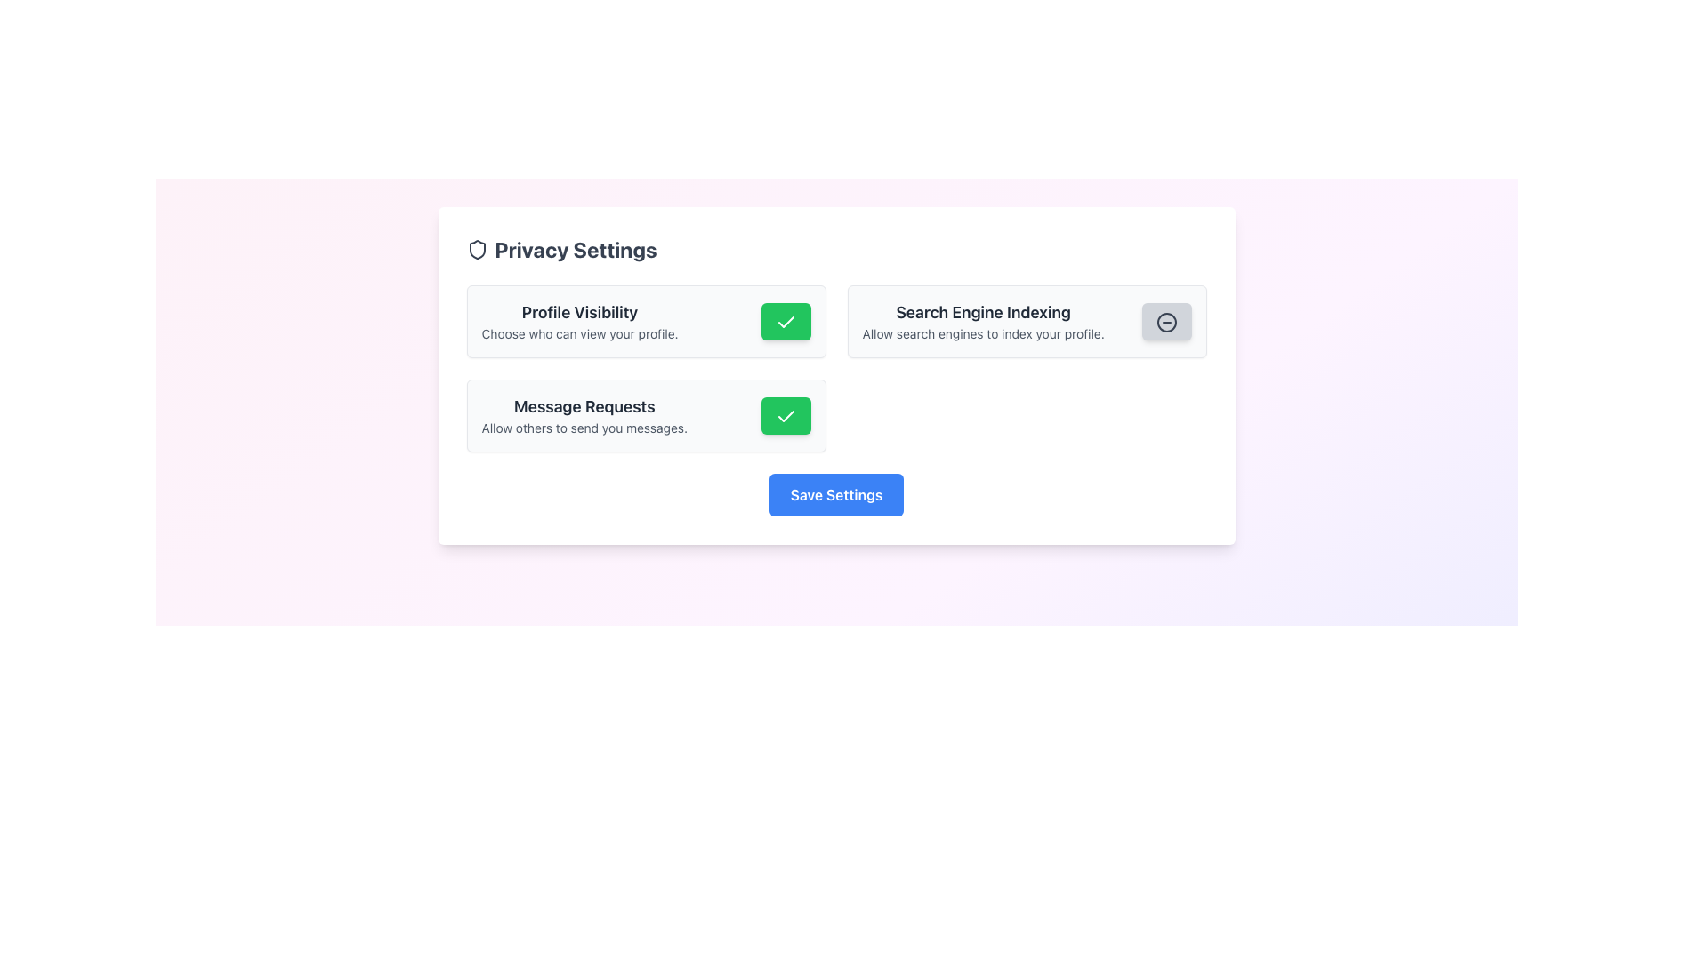 The height and width of the screenshot is (960, 1708). Describe the element at coordinates (580, 322) in the screenshot. I see `the 'Profile Visibility' text element which consists of two lines: 'Profile Visibility' in bold dark gray and 'Choose who can view your profile.' in lighter gray, located in the top left quadrant of a bordered card` at that location.